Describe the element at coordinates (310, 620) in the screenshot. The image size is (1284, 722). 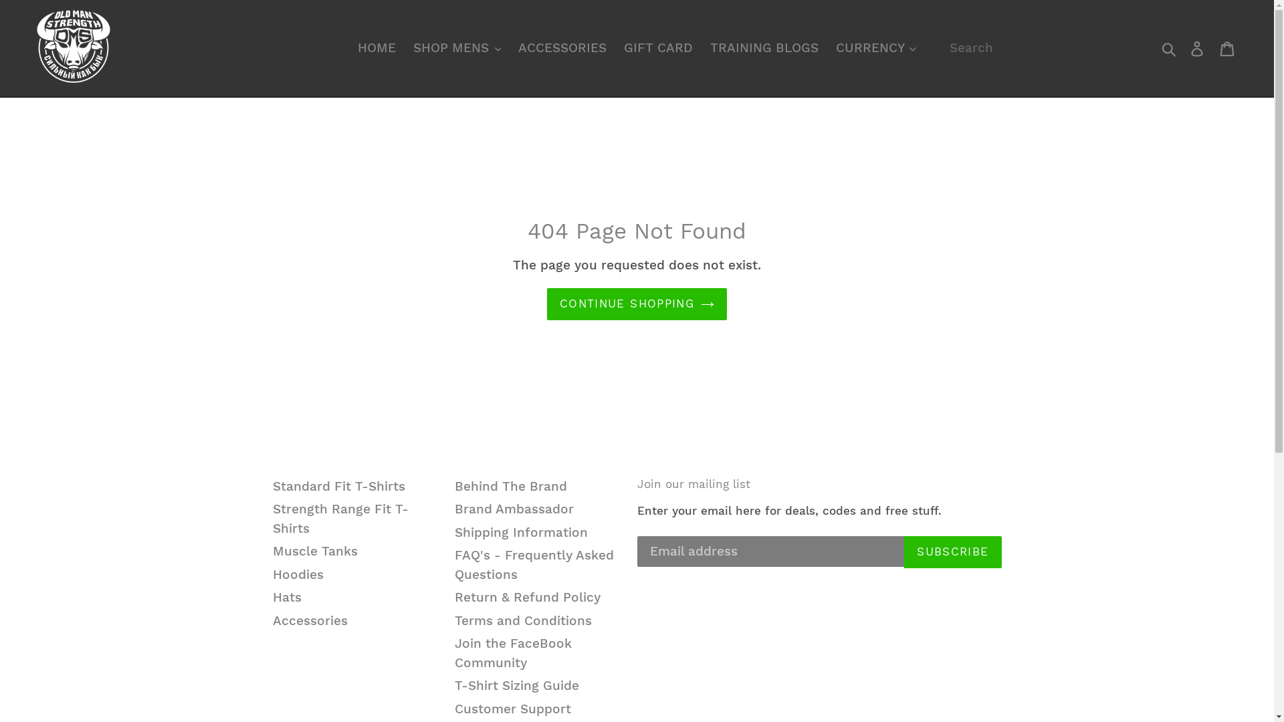
I see `'Accessories'` at that location.